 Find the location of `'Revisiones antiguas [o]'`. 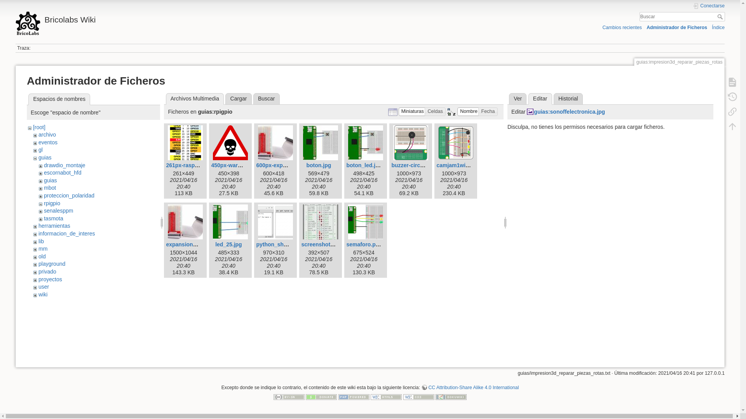

'Revisiones antiguas [o]' is located at coordinates (723, 97).